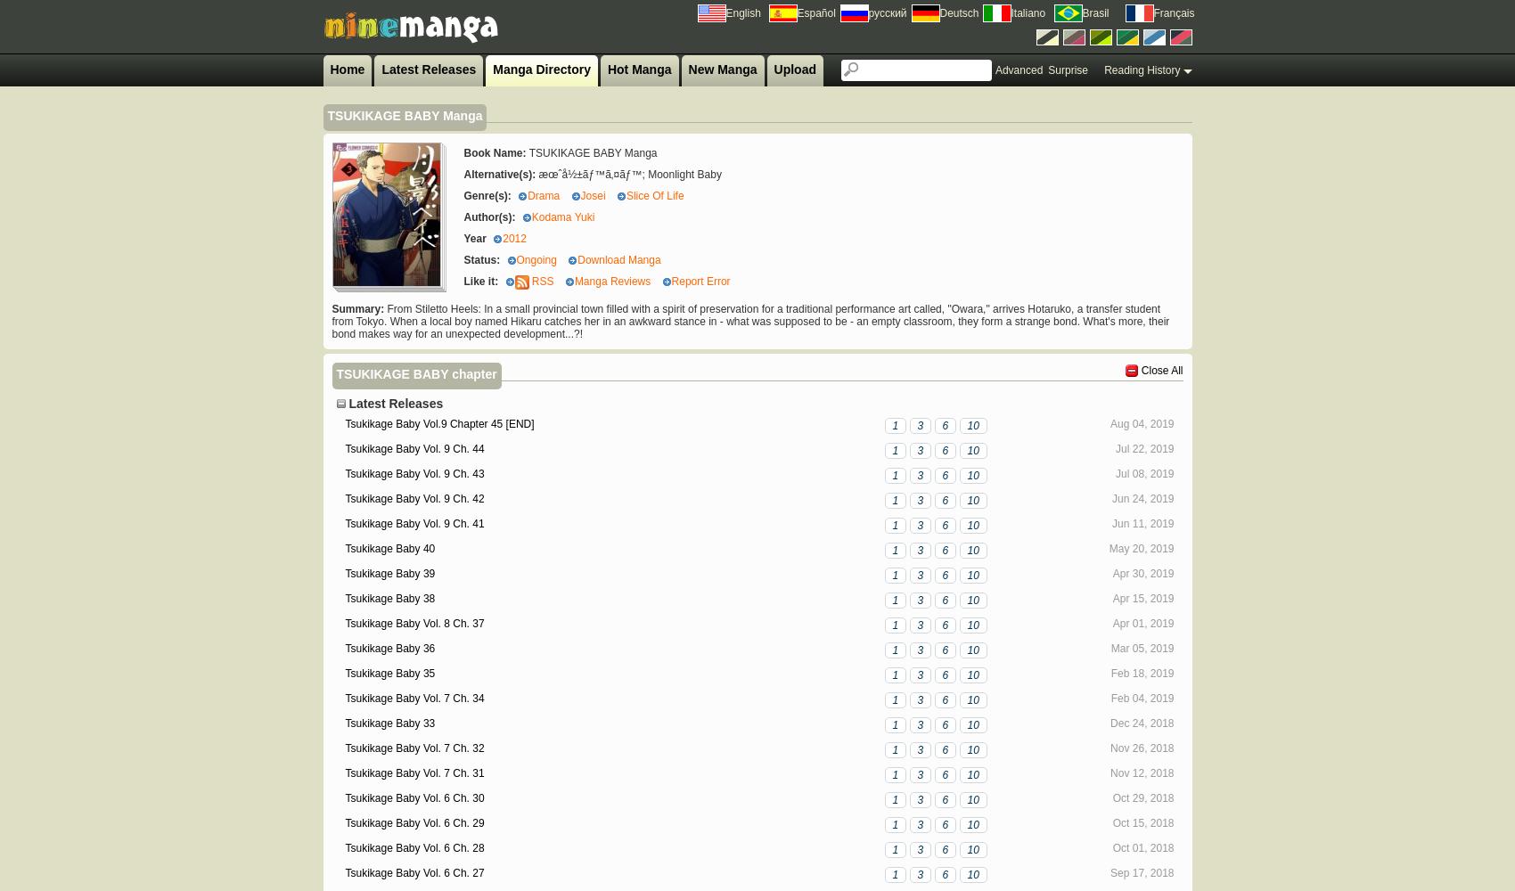  Describe the element at coordinates (428, 69) in the screenshot. I see `'Latest Releases'` at that location.